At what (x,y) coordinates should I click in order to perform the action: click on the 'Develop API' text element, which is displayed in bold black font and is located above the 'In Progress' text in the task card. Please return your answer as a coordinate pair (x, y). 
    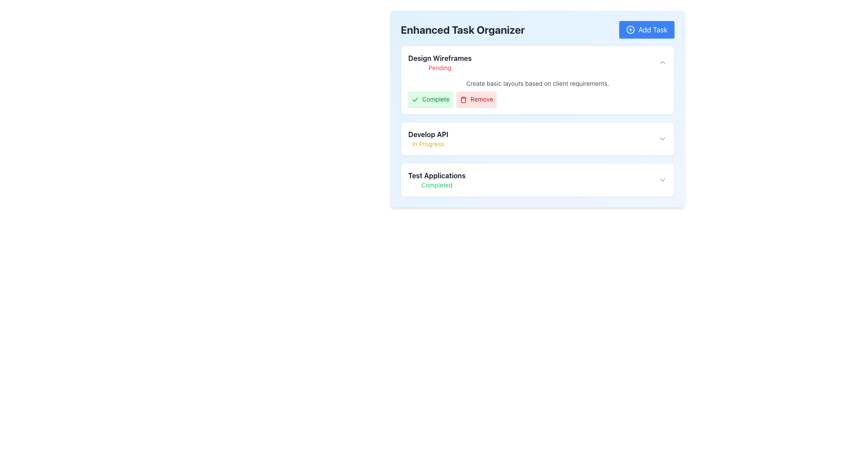
    Looking at the image, I should click on (428, 134).